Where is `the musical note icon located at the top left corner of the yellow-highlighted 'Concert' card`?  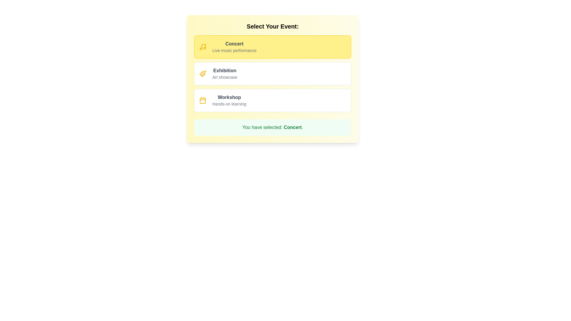
the musical note icon located at the top left corner of the yellow-highlighted 'Concert' card is located at coordinates (203, 47).